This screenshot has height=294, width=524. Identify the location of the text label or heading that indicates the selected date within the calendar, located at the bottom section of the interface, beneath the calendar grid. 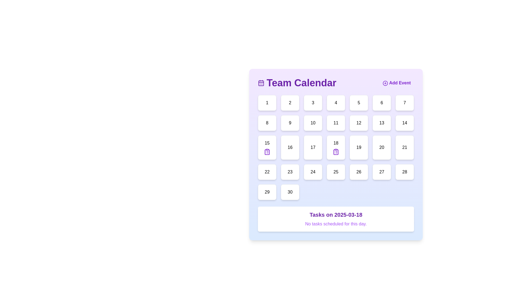
(335, 215).